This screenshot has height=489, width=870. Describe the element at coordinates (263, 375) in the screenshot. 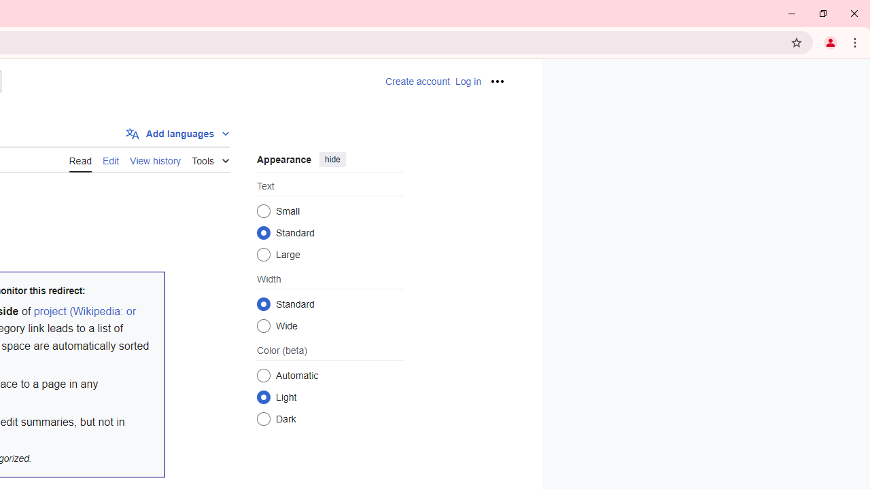

I see `'Automatic'` at that location.